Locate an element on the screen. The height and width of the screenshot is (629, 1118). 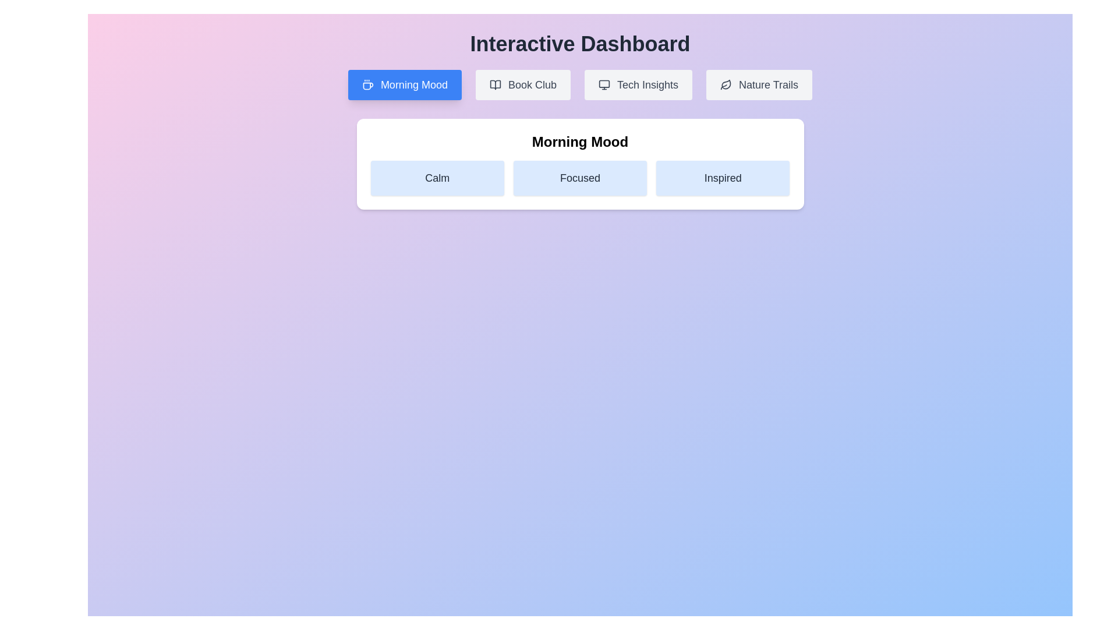
the first button under the 'Interactive Dashboard' heading is located at coordinates (405, 84).